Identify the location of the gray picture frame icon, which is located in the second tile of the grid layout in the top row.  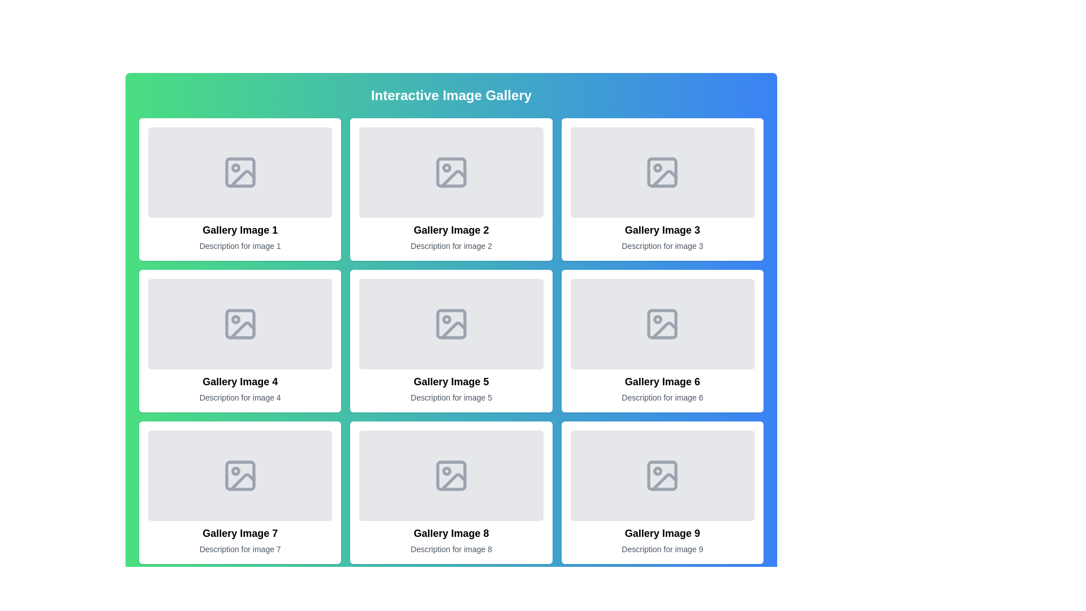
(450, 172).